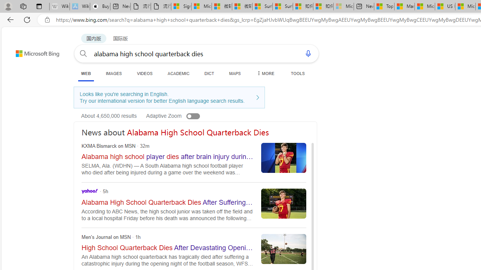 The height and width of the screenshot is (270, 481). Describe the element at coordinates (265, 73) in the screenshot. I see `'MORE'` at that location.